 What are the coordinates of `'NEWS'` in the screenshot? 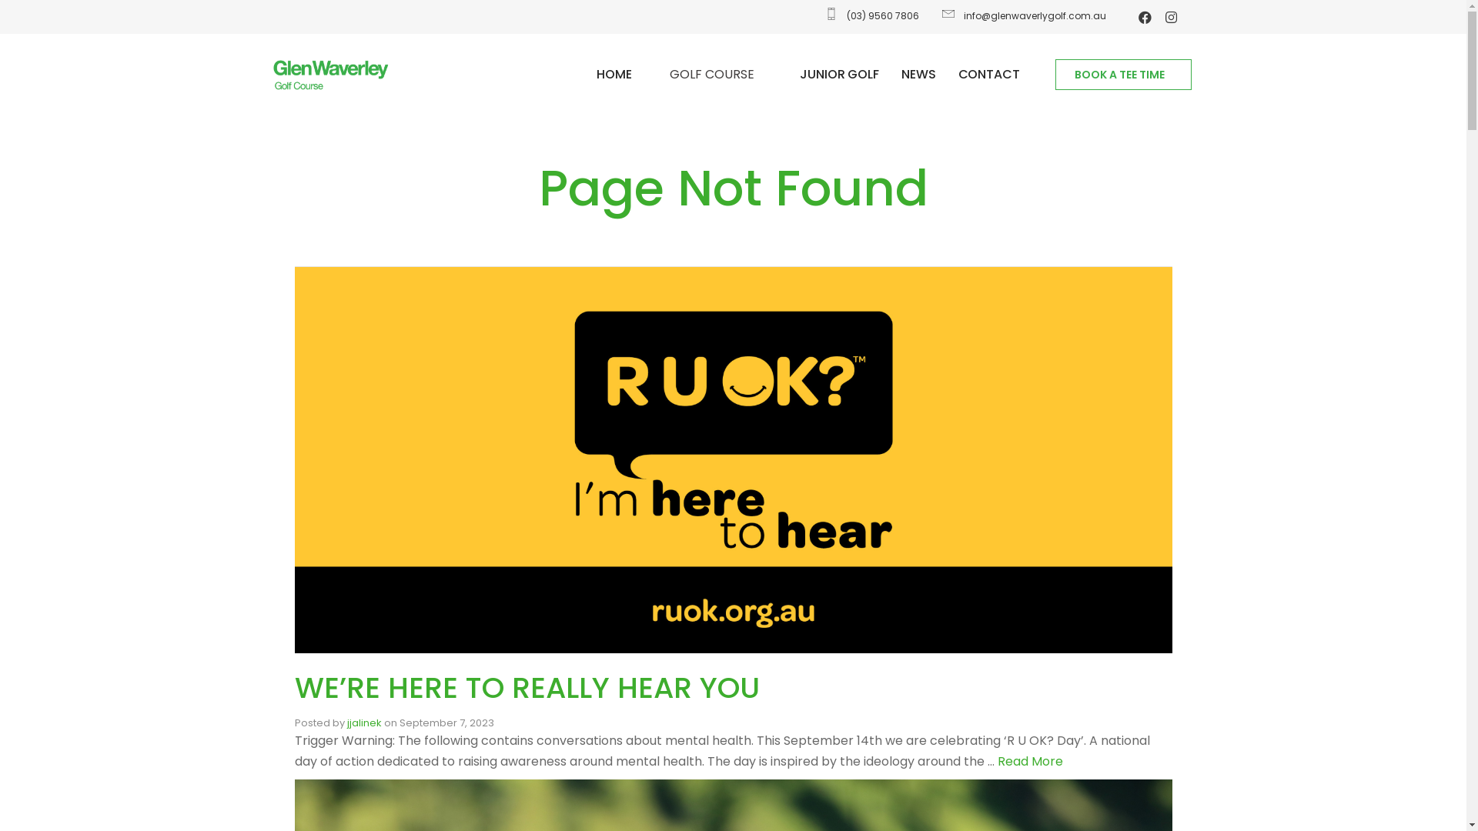 It's located at (918, 74).